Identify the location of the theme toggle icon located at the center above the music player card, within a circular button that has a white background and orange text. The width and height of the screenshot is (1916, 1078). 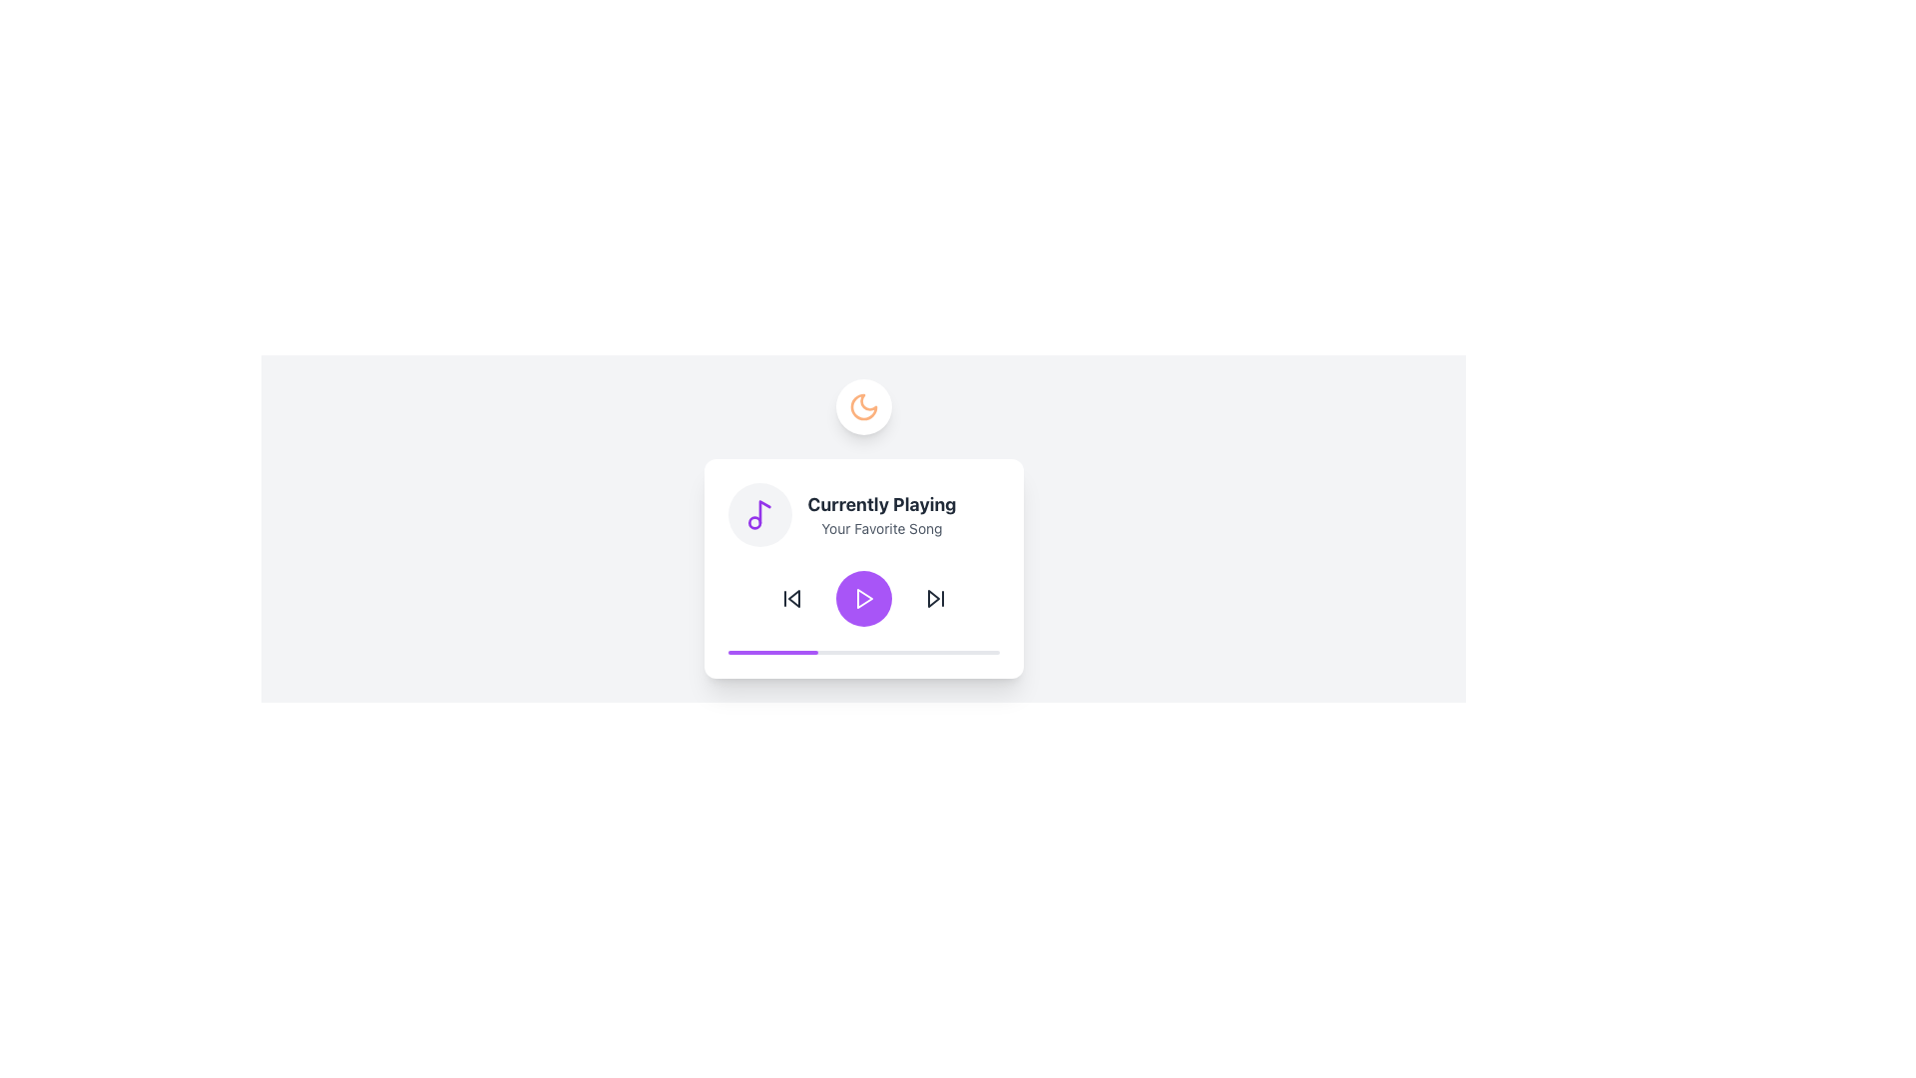
(863, 406).